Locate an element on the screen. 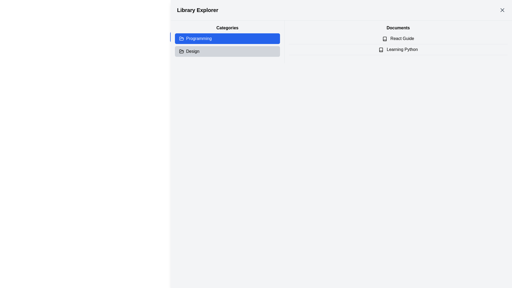 The width and height of the screenshot is (512, 288). the bold, prominent static text displaying 'Library Explorer' located at the top-left section of the header is located at coordinates (197, 10).